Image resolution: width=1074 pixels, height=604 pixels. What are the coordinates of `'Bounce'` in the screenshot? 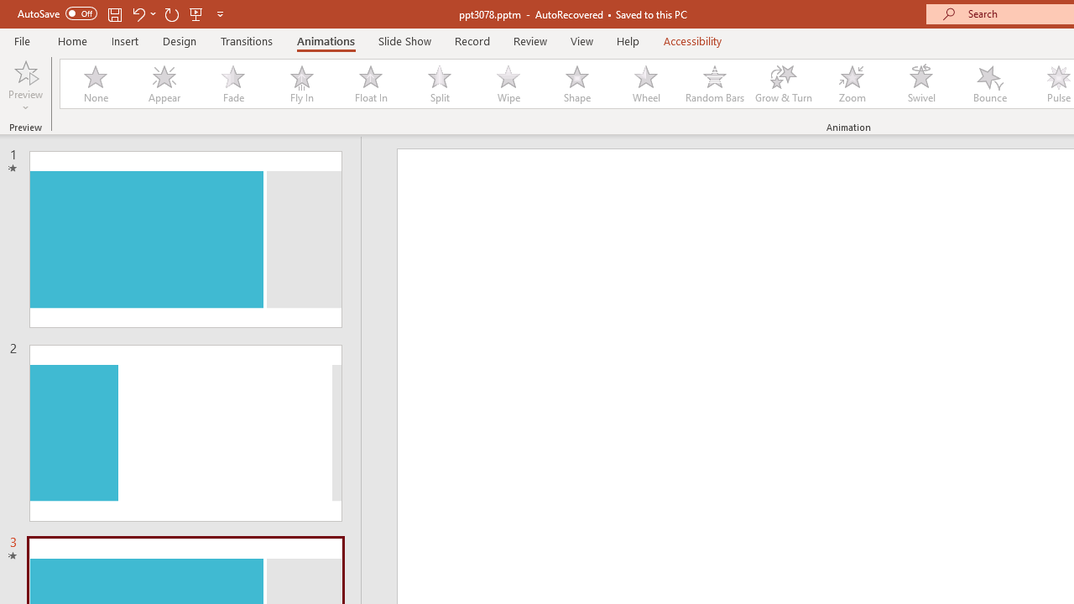 It's located at (990, 84).